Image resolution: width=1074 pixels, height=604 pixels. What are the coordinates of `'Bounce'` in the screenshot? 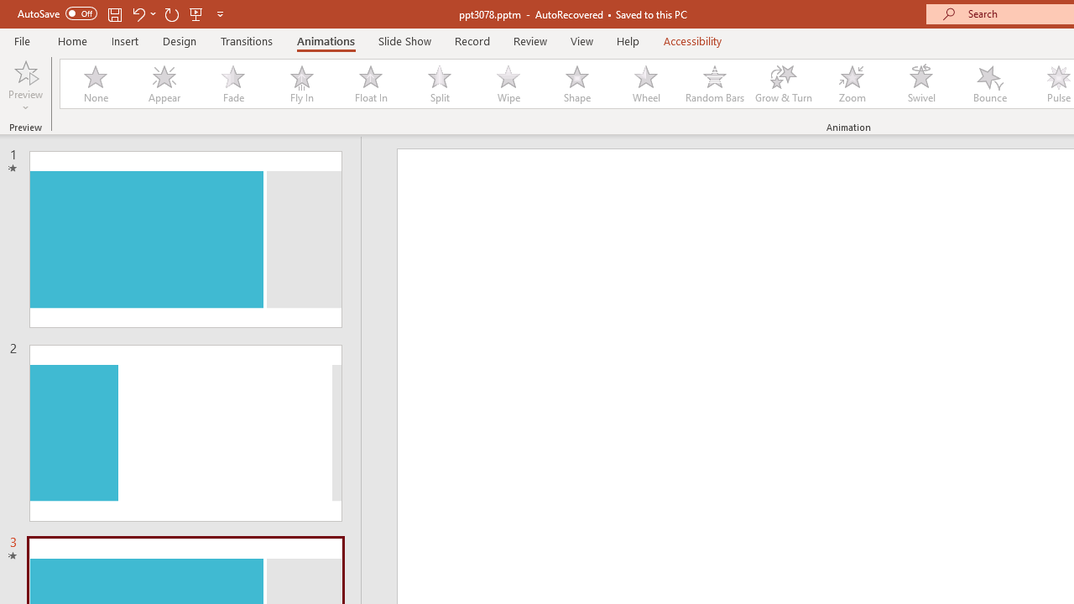 It's located at (990, 84).